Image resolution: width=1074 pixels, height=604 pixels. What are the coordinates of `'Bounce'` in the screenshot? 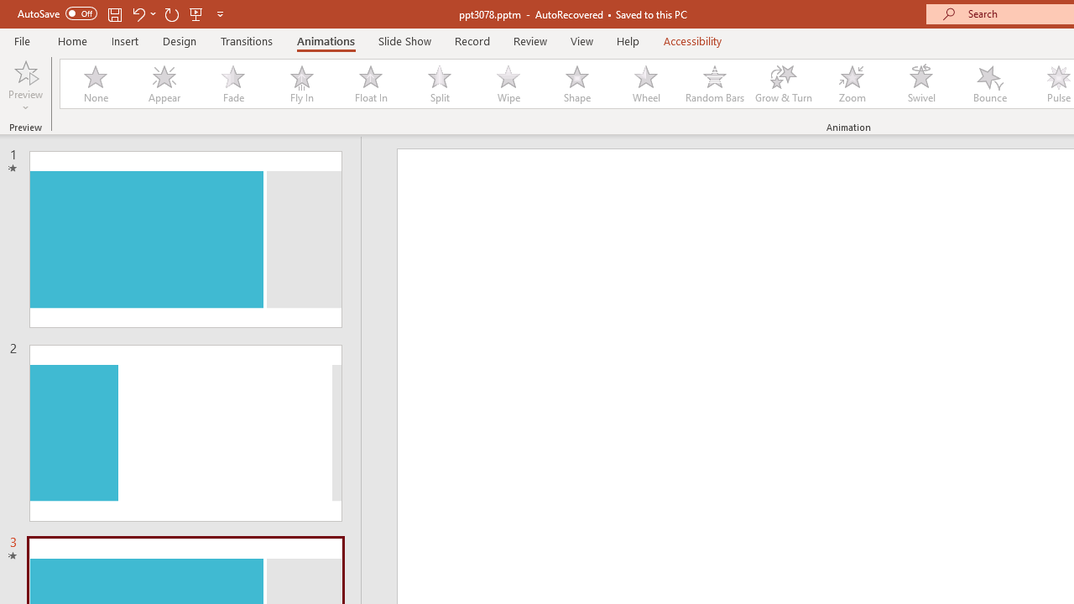 It's located at (990, 84).